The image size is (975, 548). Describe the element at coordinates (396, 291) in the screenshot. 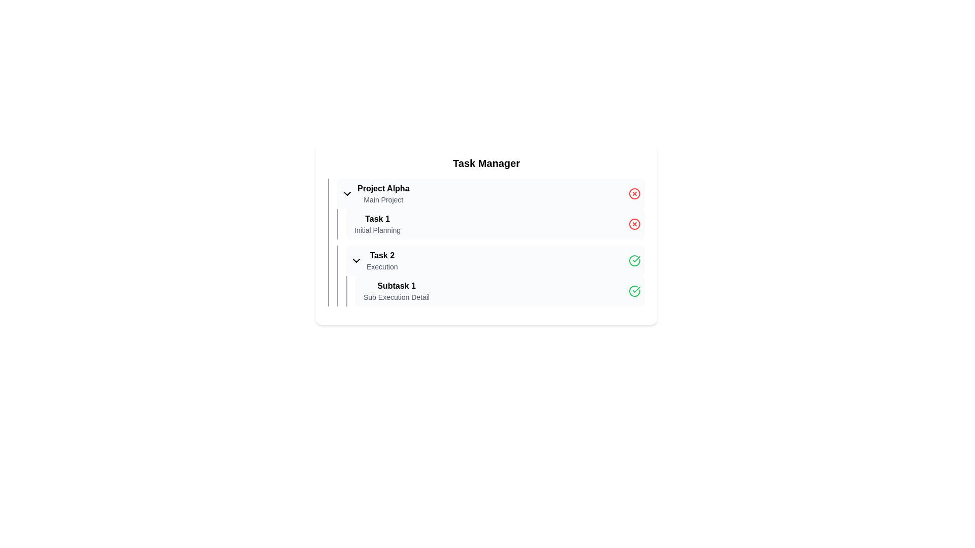

I see `the text label displaying 'Subtask 1' and 'Sub Execution Detail', which is positioned beneath 'Task 2' in the task manager interface` at that location.